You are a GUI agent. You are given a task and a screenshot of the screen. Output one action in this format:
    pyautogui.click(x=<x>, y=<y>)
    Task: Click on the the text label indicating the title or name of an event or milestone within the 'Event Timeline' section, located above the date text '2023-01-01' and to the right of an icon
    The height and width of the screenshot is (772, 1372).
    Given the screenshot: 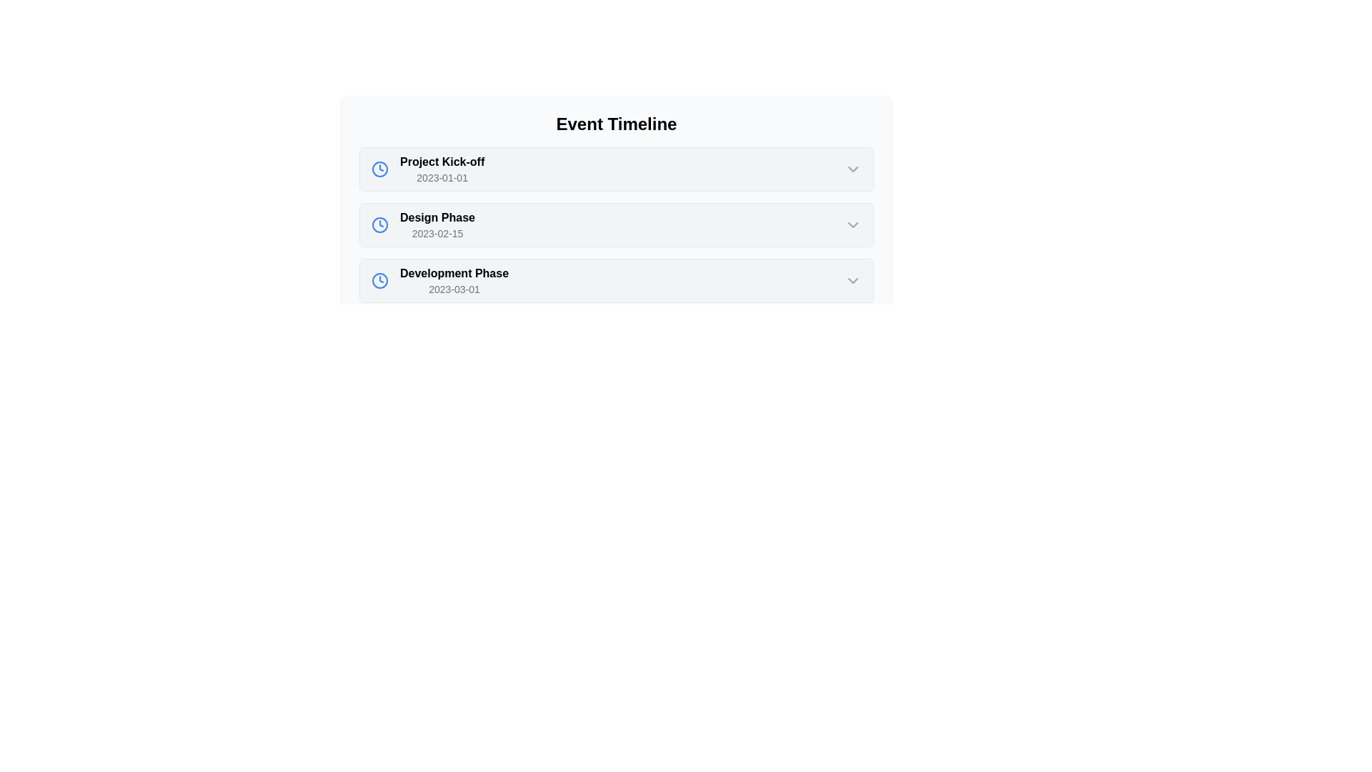 What is the action you would take?
    pyautogui.click(x=442, y=162)
    